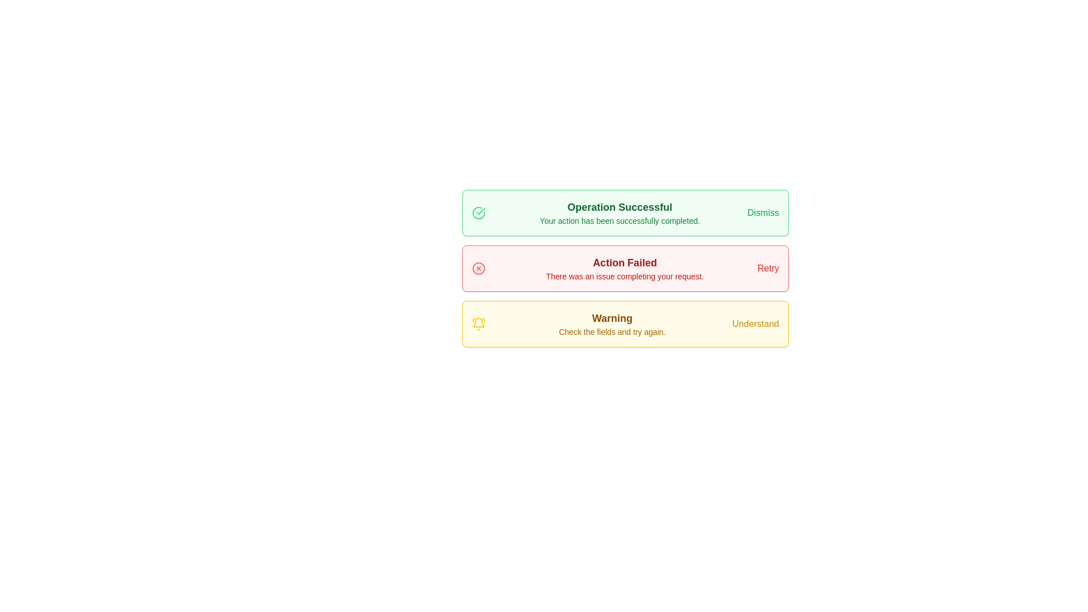 This screenshot has height=612, width=1088. What do you see at coordinates (624, 269) in the screenshot?
I see `the error notification text that states 'Action Failed' and 'There was an issue completing your request.'` at bounding box center [624, 269].